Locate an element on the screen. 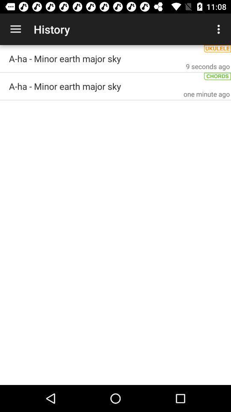  app to the right of the history is located at coordinates (219, 29).